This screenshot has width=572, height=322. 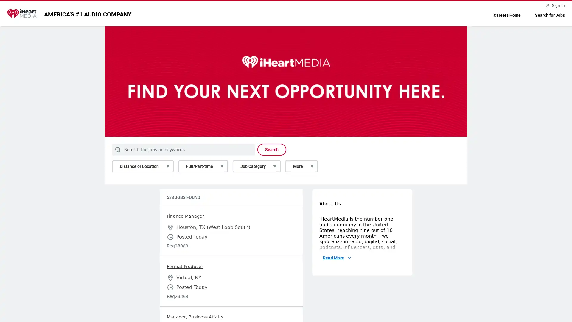 What do you see at coordinates (336, 302) in the screenshot?
I see `Read More About Us` at bounding box center [336, 302].